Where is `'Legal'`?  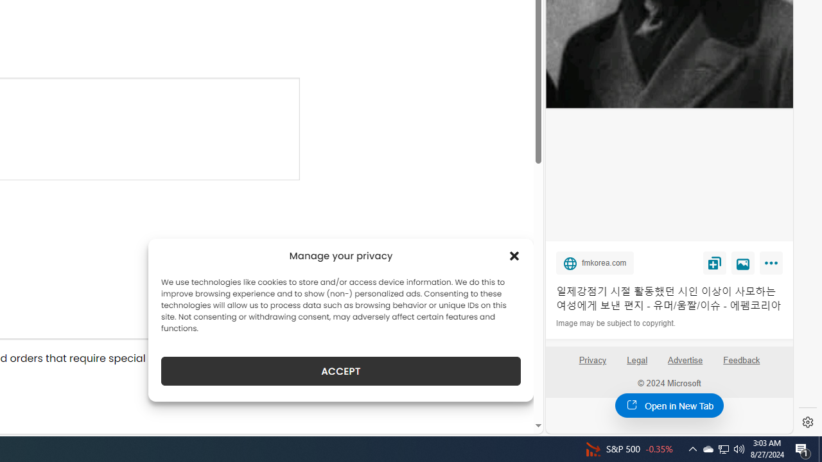
'Legal' is located at coordinates (637, 366).